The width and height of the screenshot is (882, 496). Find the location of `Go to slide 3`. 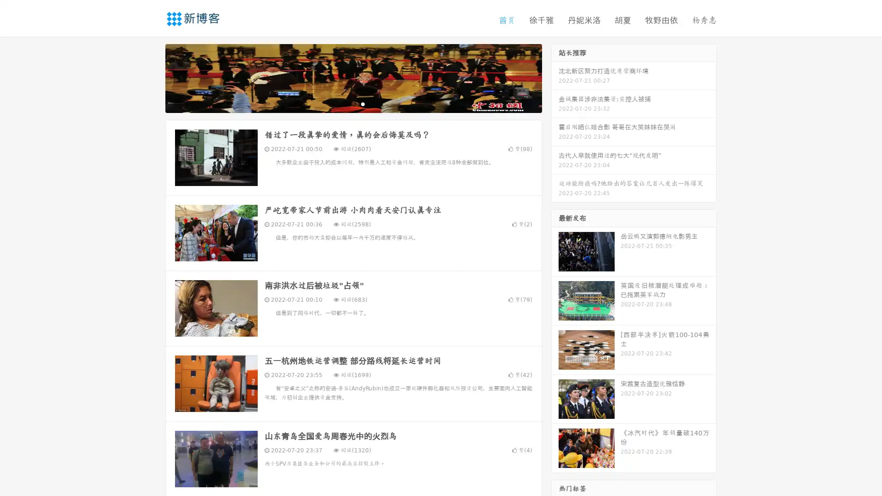

Go to slide 3 is located at coordinates (362, 103).